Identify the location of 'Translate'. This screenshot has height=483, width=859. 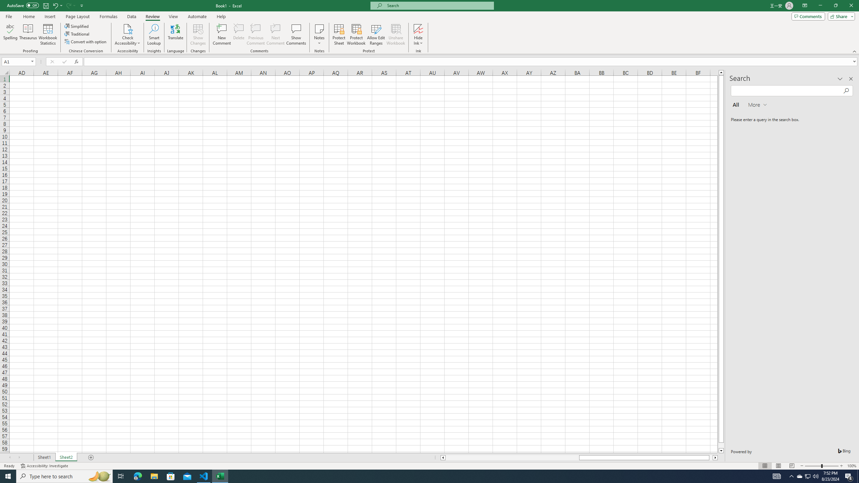
(175, 35).